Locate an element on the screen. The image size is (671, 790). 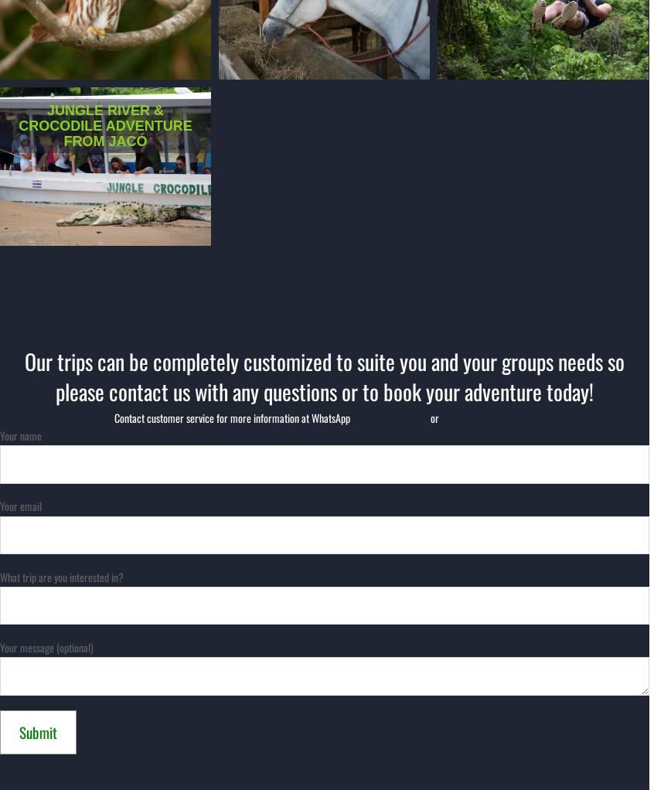
'Contact customer service for more information at WhatsApp' is located at coordinates (231, 417).